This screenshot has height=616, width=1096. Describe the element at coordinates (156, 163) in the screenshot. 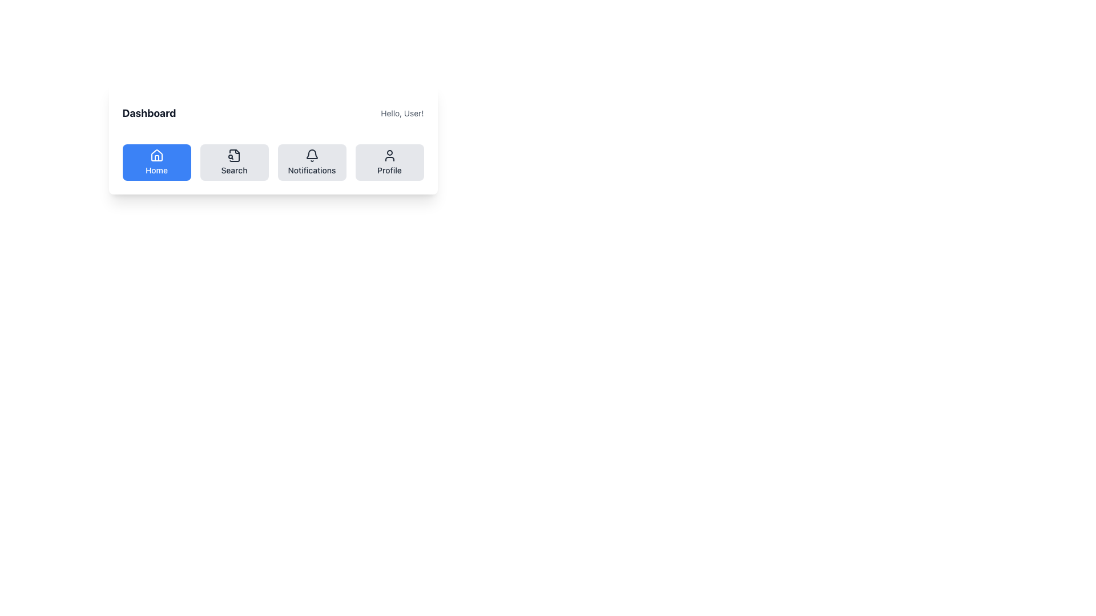

I see `the blue rectangular button labeled 'Home' with a white house icon to scale it visually` at that location.